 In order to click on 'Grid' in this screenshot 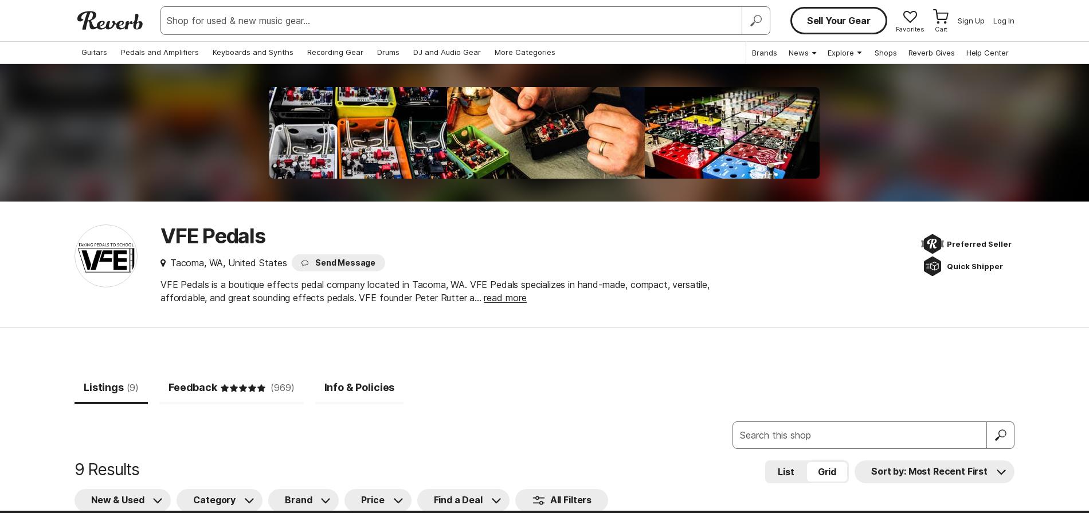, I will do `click(817, 471)`.